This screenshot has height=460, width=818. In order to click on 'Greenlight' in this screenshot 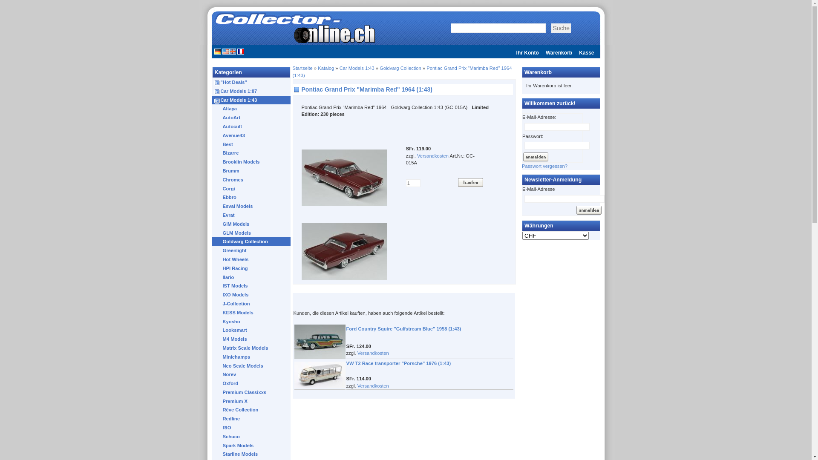, I will do `click(212, 250)`.